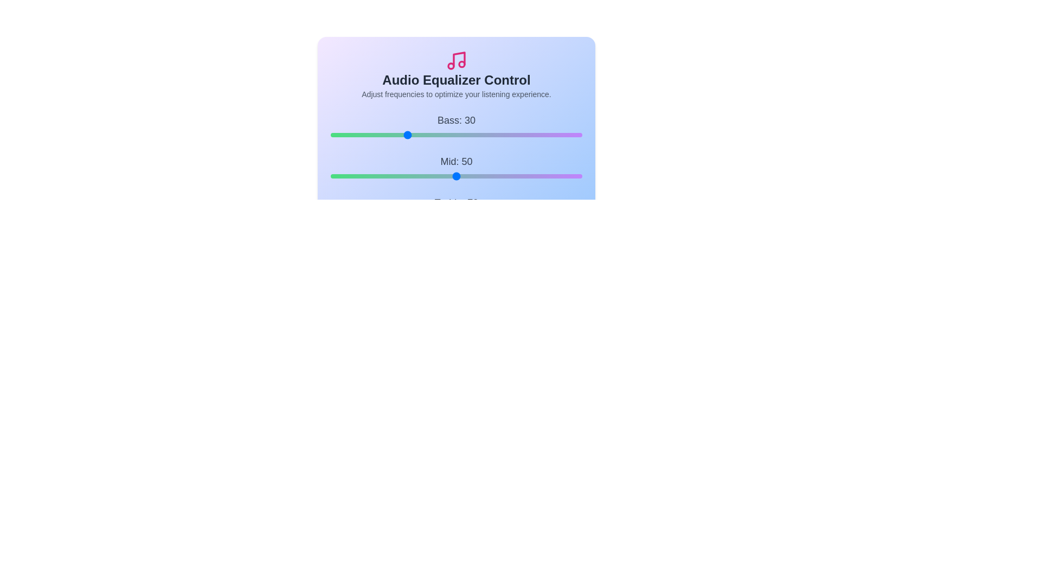 The width and height of the screenshot is (1041, 586). I want to click on the Bass slider to set the bass level to 28, so click(400, 135).